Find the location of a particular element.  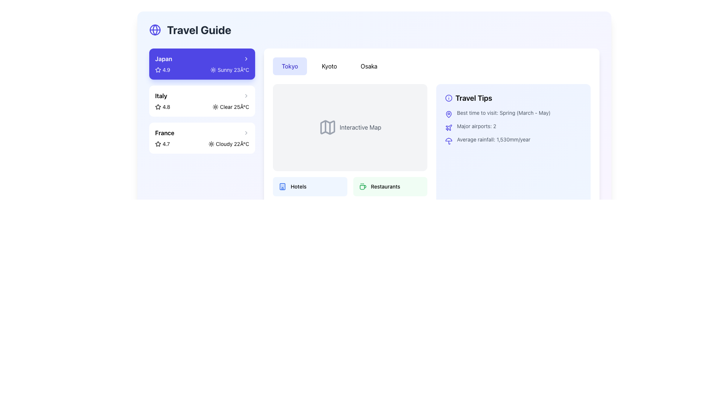

the coffee cup icon element, which is green and located to the left of the 'Restaurants' text in the bottom-right section of the interface is located at coordinates (363, 186).